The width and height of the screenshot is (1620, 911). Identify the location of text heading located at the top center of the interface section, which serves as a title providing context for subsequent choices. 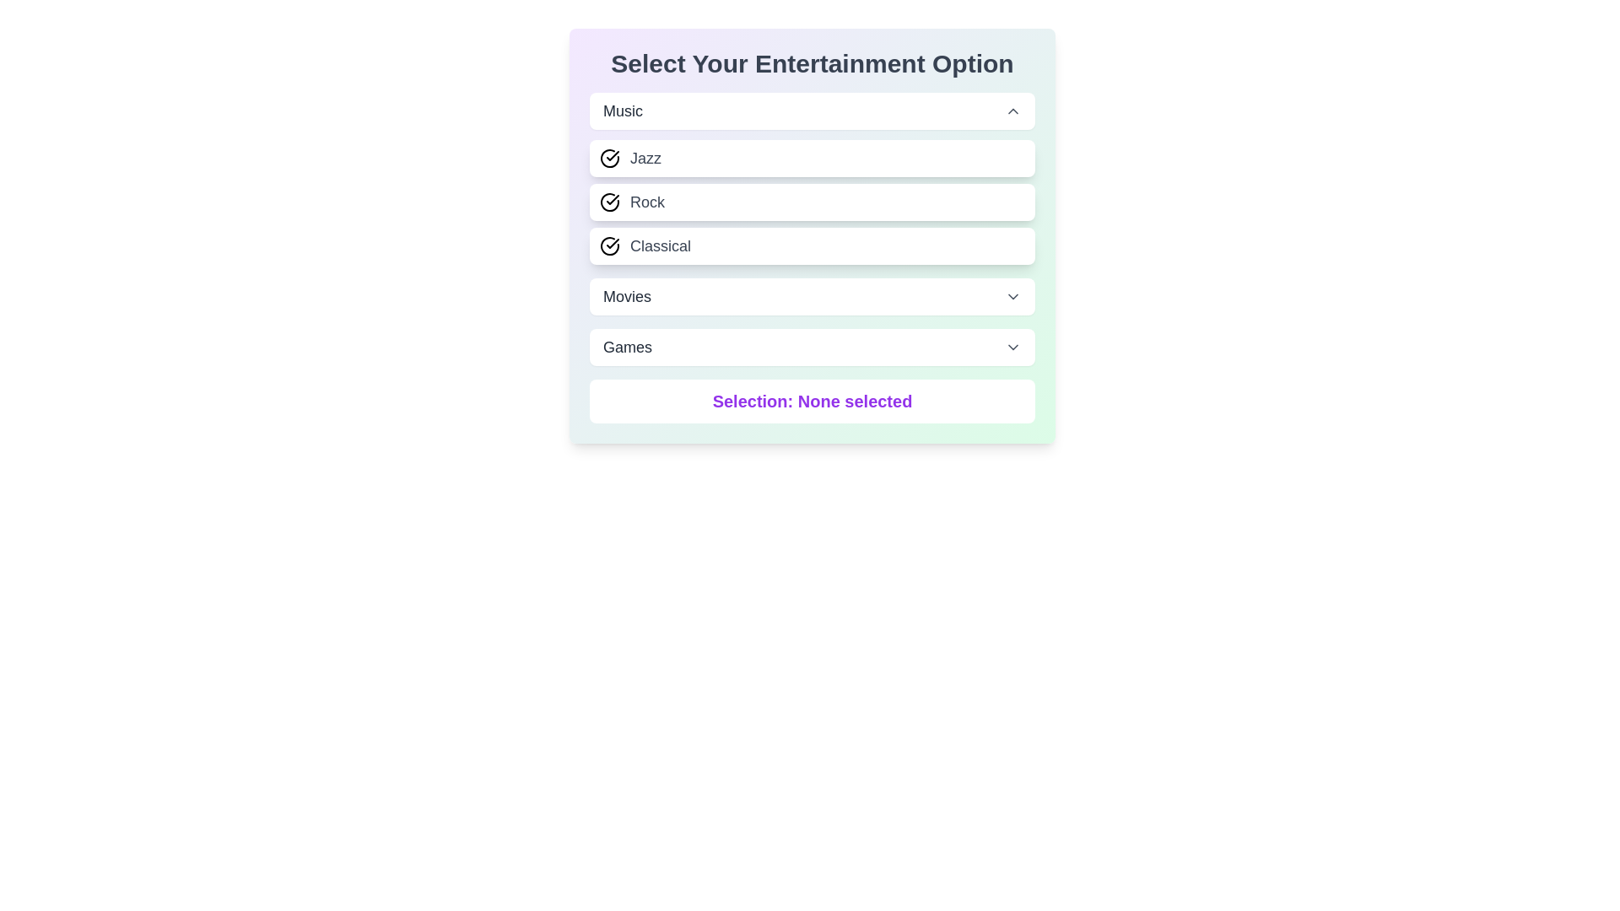
(813, 63).